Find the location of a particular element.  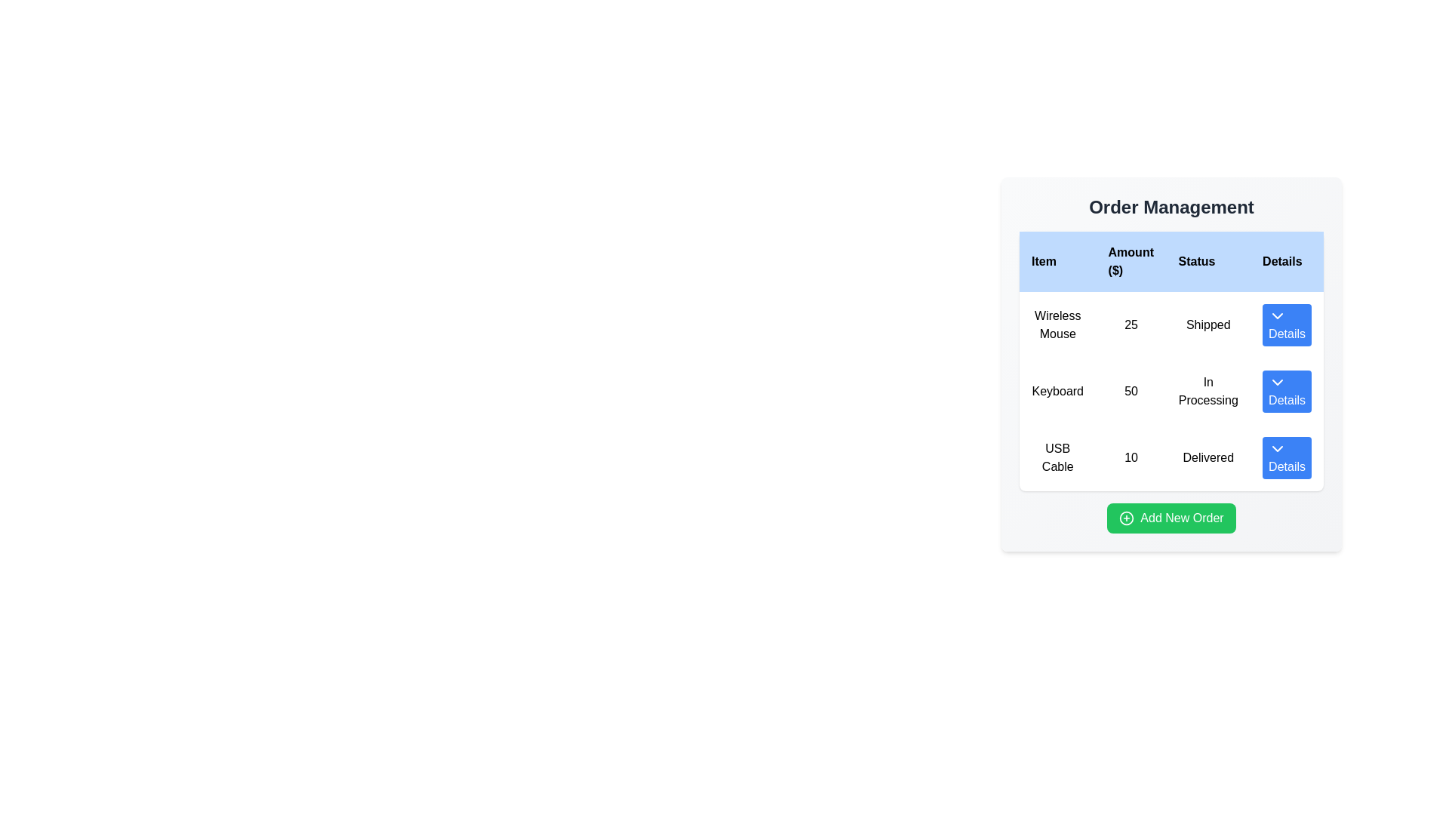

the 'Delivered' text label element, which is part of the item listing for 'USB Cable', positioned to the right of the 'Amount ($)' element and to the left of the 'Details' button is located at coordinates (1208, 457).